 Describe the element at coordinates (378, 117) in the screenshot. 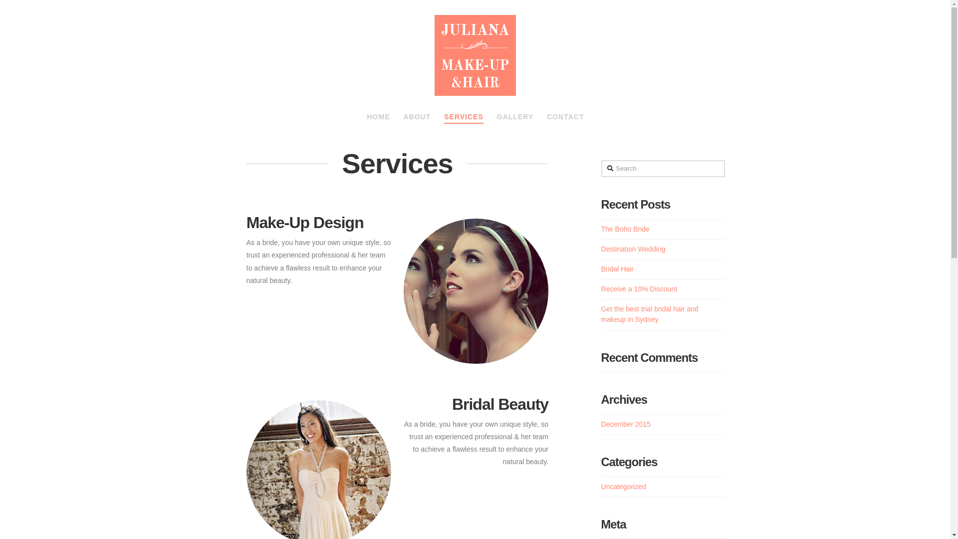

I see `'HOME'` at that location.